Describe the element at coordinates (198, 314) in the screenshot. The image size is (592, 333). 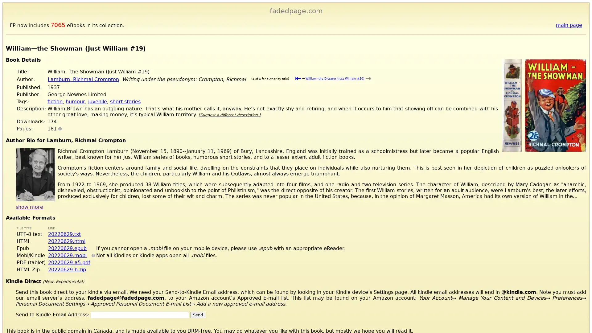
I see `Send` at that location.